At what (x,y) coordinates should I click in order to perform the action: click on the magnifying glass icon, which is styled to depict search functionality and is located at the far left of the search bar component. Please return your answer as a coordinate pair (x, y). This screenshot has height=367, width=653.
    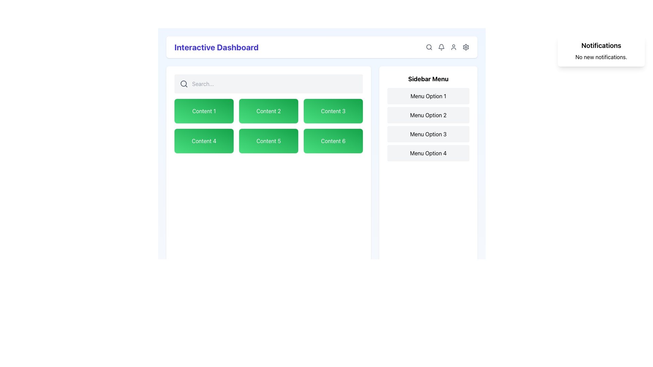
    Looking at the image, I should click on (184, 83).